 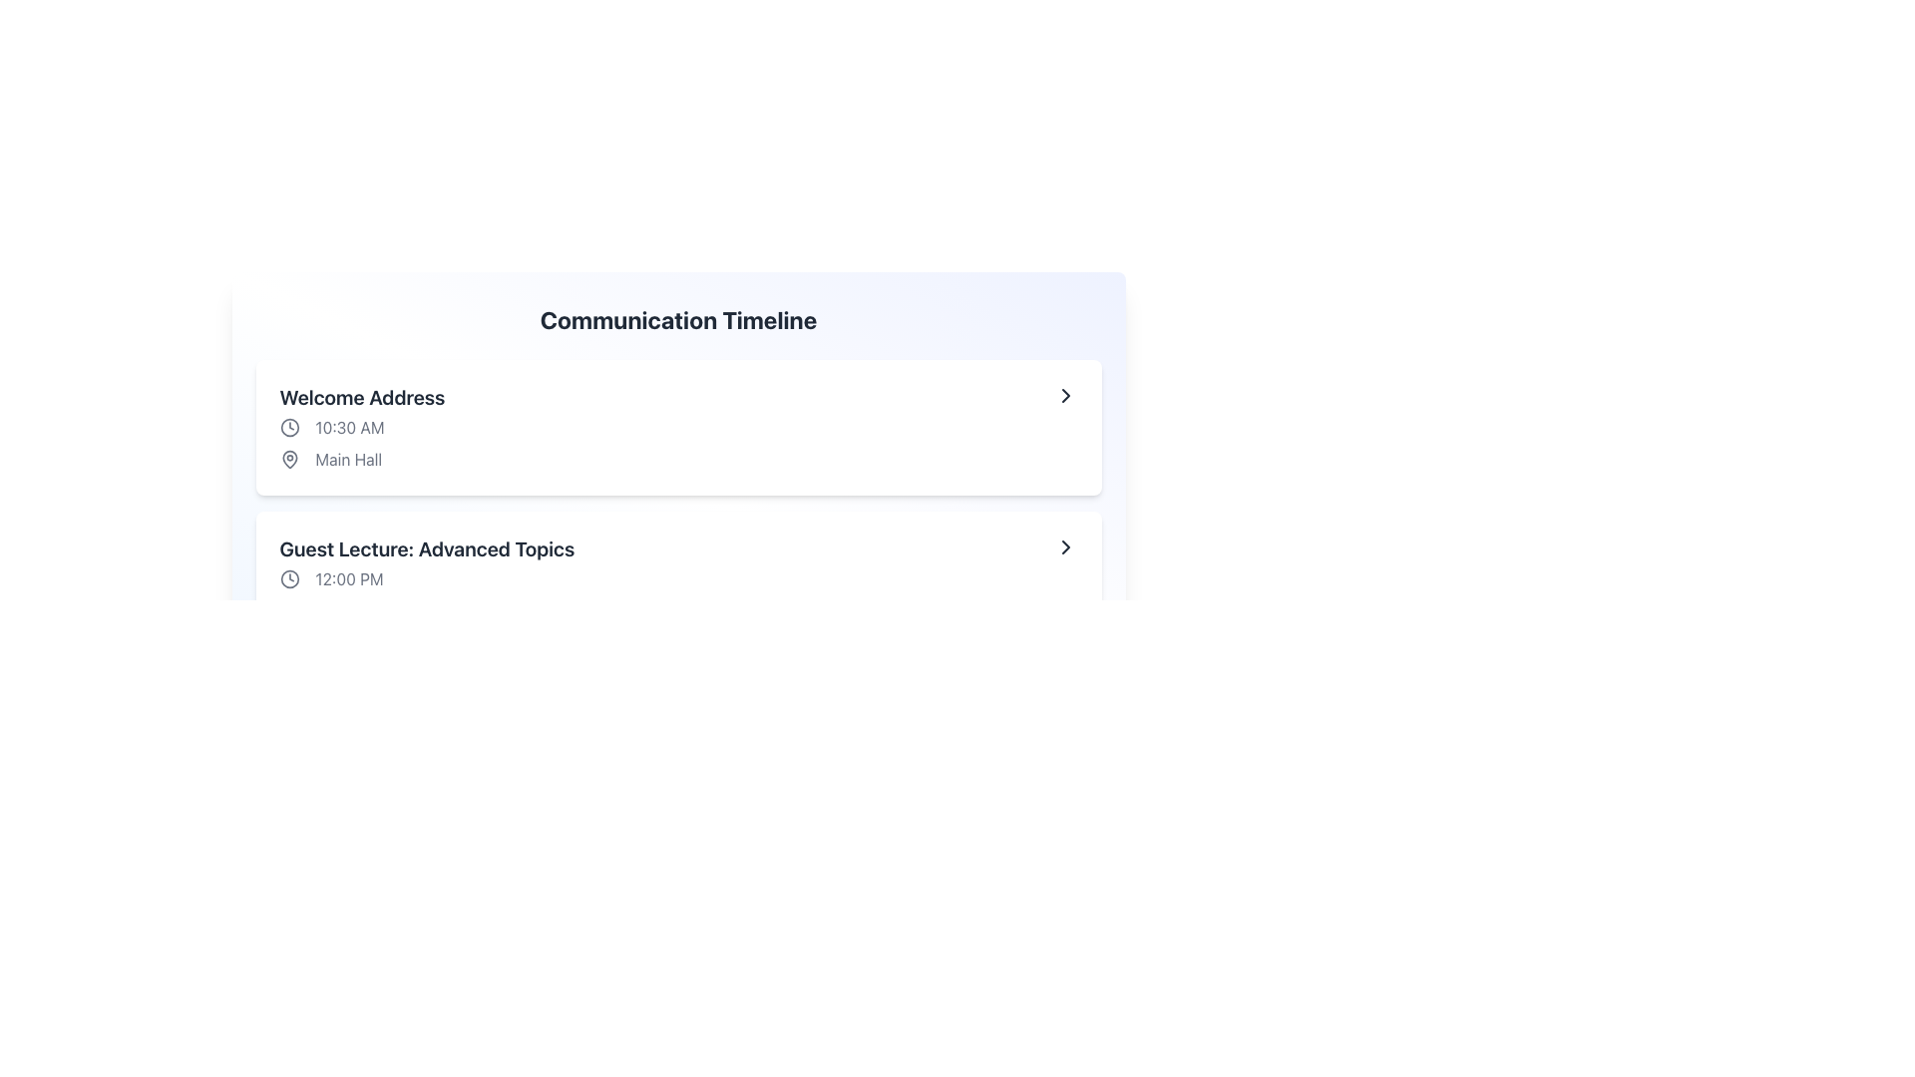 What do you see at coordinates (288, 426) in the screenshot?
I see `the circular graphical shape of the clock icon indicating '10:30 AM' in the top-left quadrant of the timeline card for the 'Welcome Address' entry` at bounding box center [288, 426].